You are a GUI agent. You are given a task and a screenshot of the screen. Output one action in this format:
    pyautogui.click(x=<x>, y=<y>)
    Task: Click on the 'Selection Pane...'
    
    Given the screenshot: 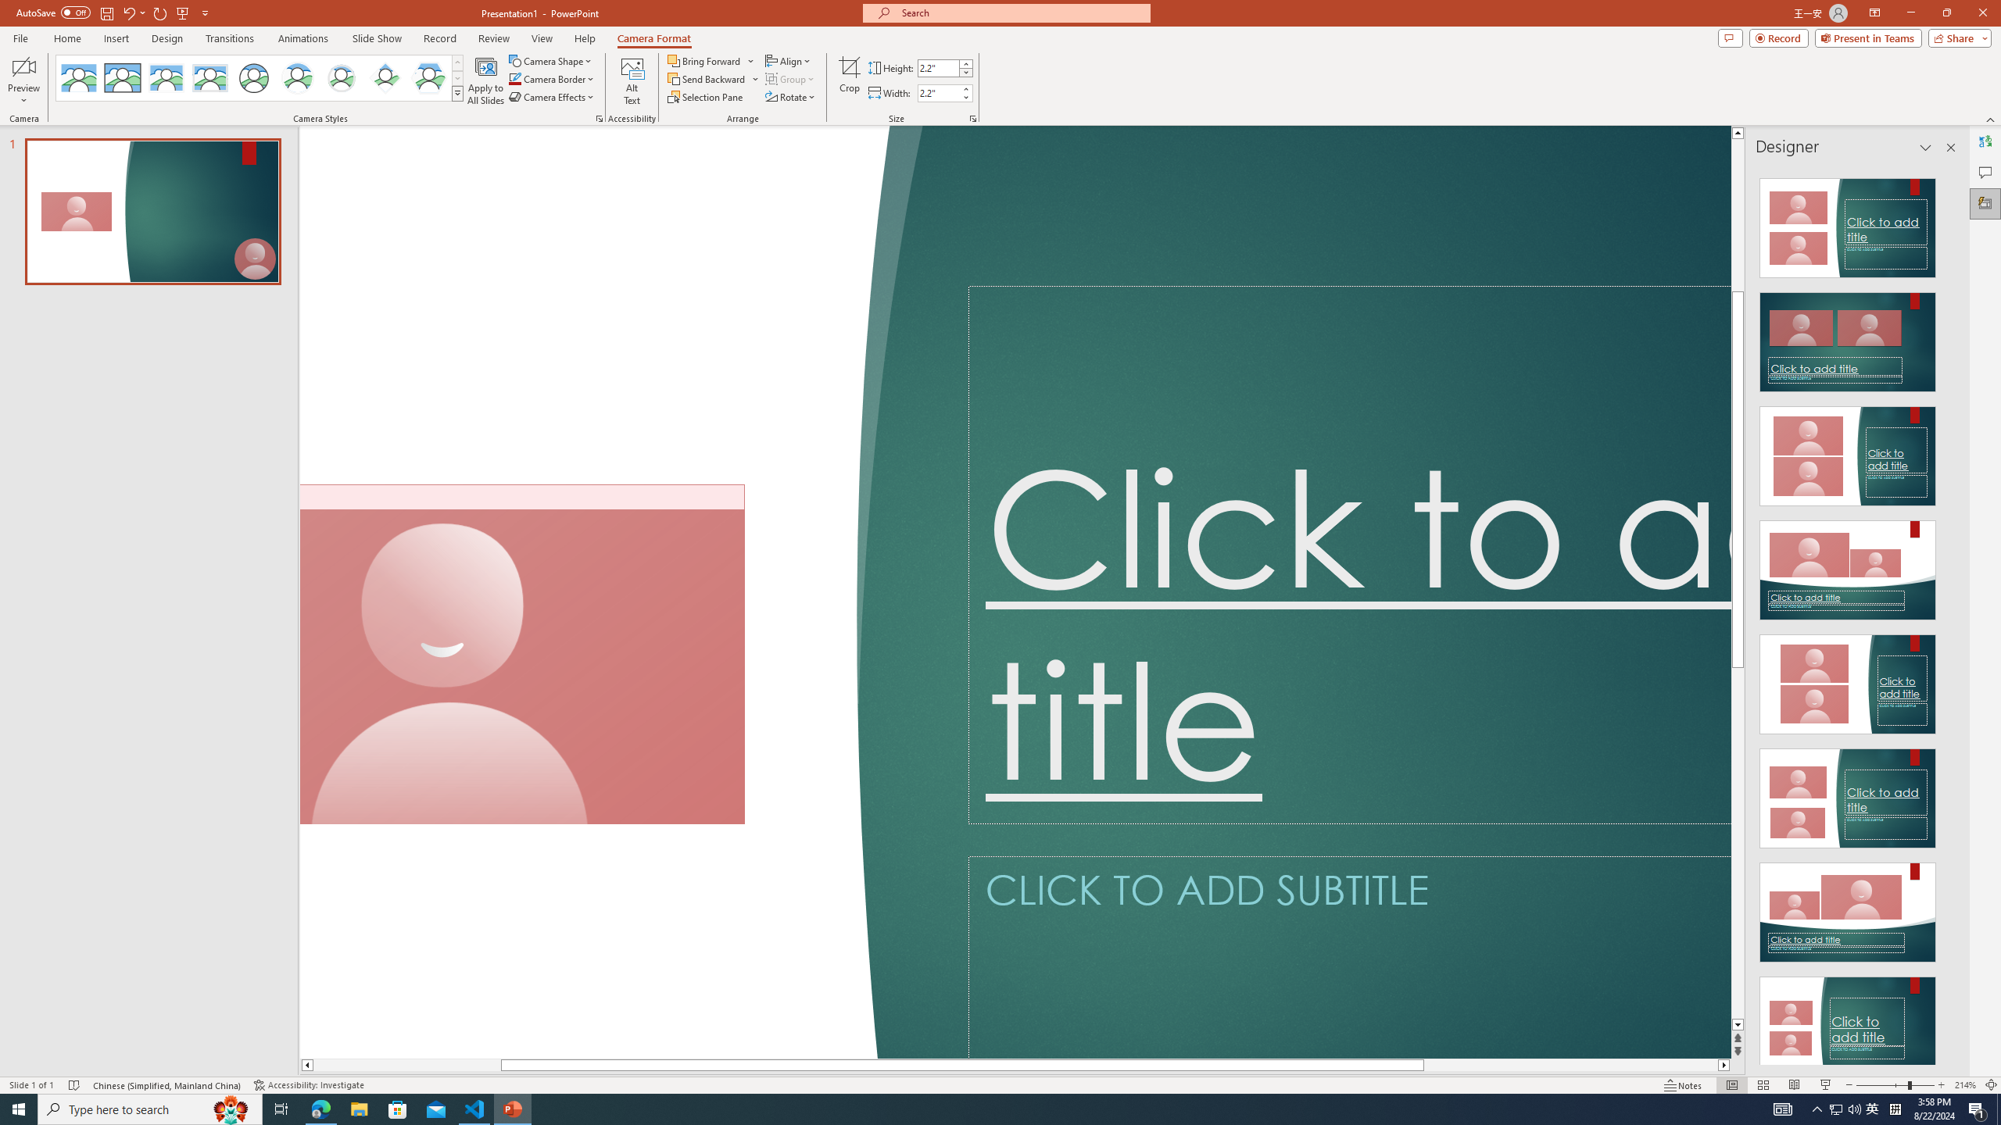 What is the action you would take?
    pyautogui.click(x=705, y=95)
    